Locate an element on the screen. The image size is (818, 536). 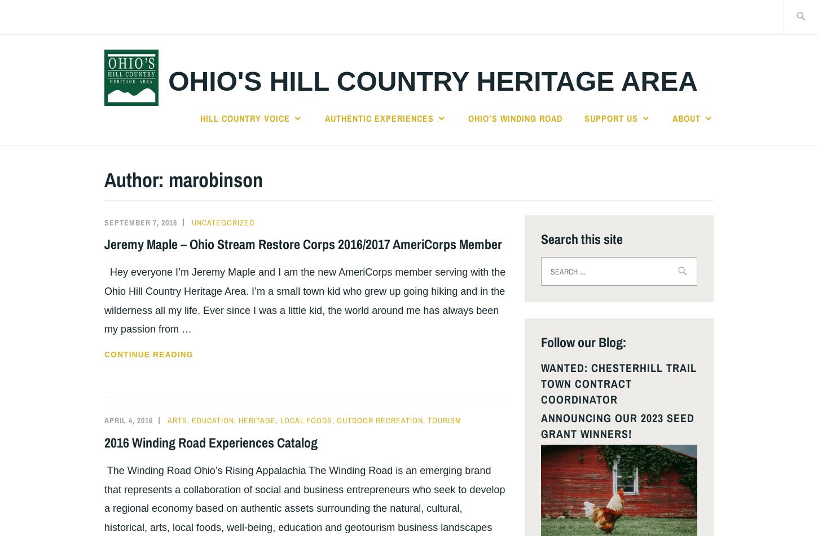
'Continue reading' is located at coordinates (148, 353).